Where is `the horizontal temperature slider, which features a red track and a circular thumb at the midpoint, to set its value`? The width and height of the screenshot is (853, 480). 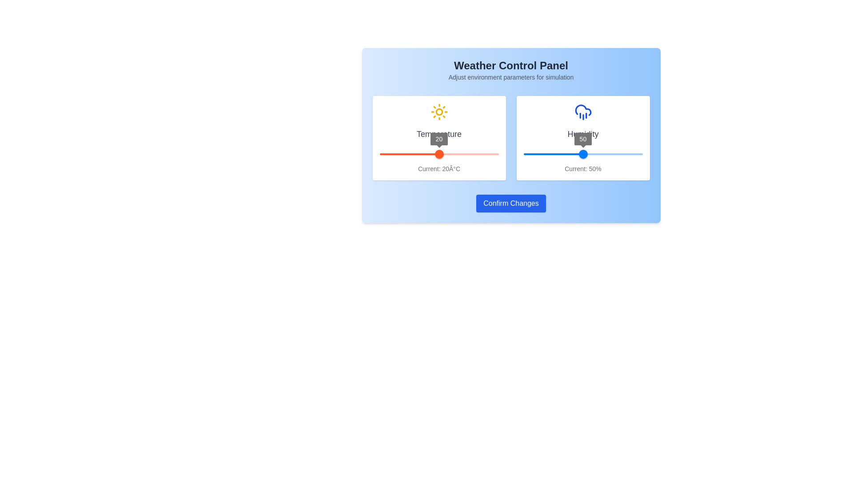 the horizontal temperature slider, which features a red track and a circular thumb at the midpoint, to set its value is located at coordinates (439, 154).